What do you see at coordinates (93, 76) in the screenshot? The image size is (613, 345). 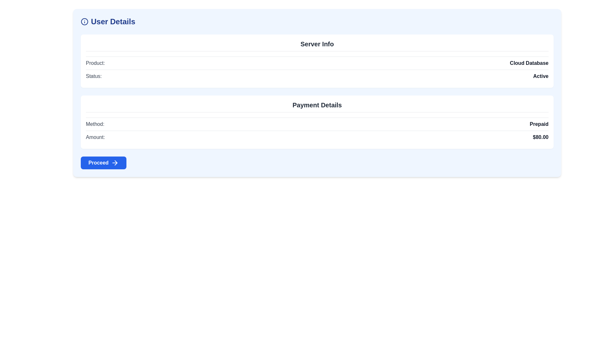 I see `the 'Status:' text label located in the 'Server Info' section, which is displayed in gray font and is positioned to the left of the text 'Active'` at bounding box center [93, 76].